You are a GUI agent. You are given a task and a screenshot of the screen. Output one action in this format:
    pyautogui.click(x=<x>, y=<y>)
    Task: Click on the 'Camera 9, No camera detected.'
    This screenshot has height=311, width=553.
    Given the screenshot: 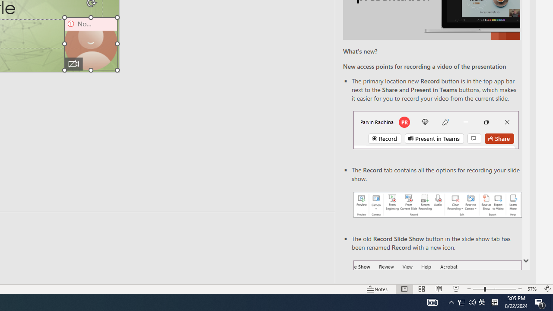 What is the action you would take?
    pyautogui.click(x=91, y=44)
    